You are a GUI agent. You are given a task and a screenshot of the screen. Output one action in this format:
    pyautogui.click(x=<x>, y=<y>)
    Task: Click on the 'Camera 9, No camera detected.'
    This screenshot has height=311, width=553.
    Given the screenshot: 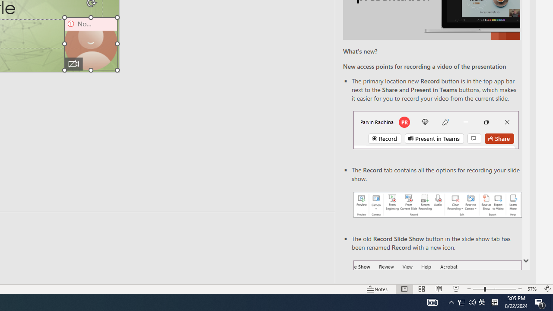 What is the action you would take?
    pyautogui.click(x=91, y=44)
    